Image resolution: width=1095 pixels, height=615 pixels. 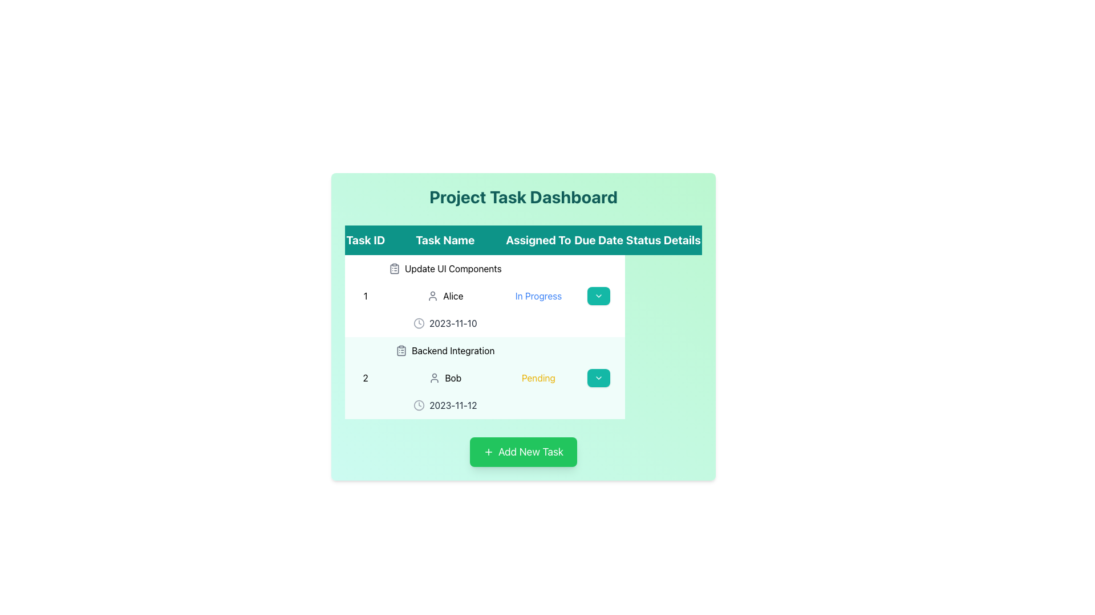 I want to click on the teal green button with a downward-pointing chevron icon, located in the last column of the second row corresponding to Task ID '2' and Task Name 'Backend Integration', so click(x=598, y=378).